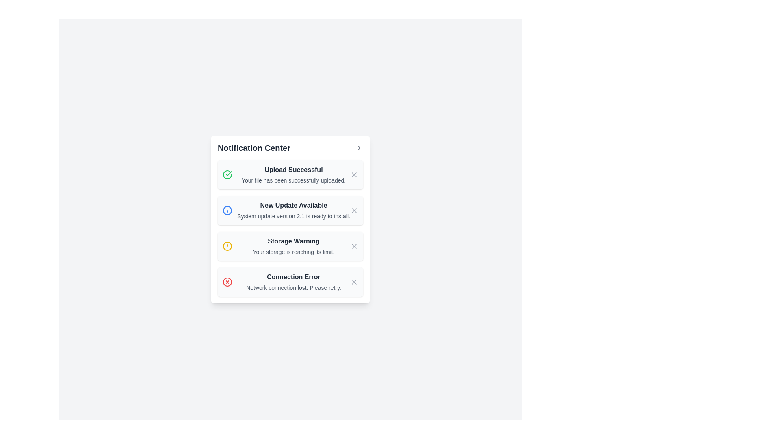 This screenshot has width=780, height=439. Describe the element at coordinates (227, 281) in the screenshot. I see `the network connection error graphic icon located in the fourth row of the notification panel, labeled 'Connection Error'` at that location.